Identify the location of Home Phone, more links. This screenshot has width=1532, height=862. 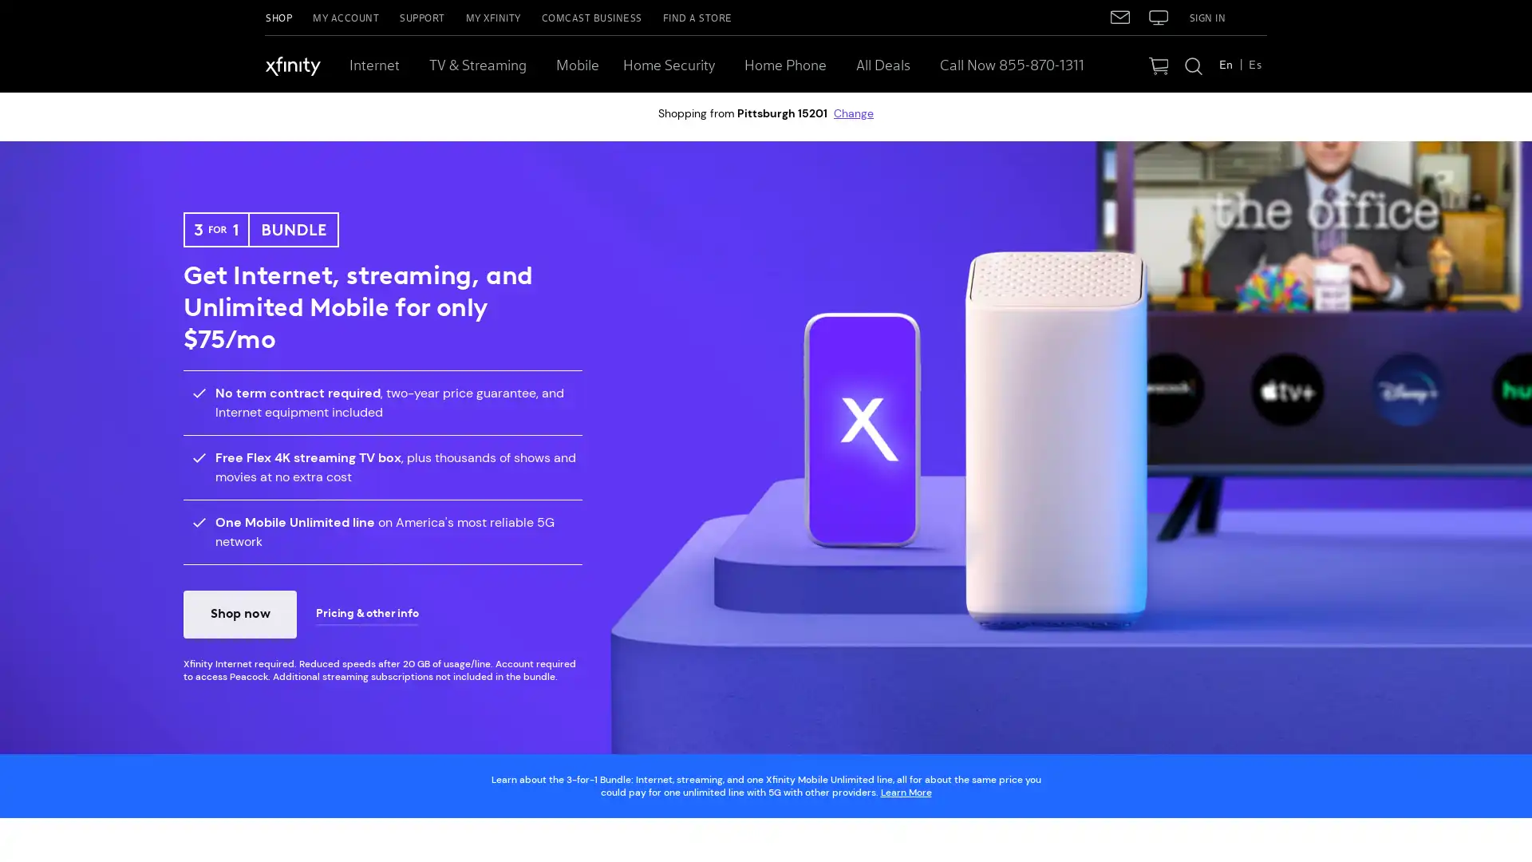
(836, 61).